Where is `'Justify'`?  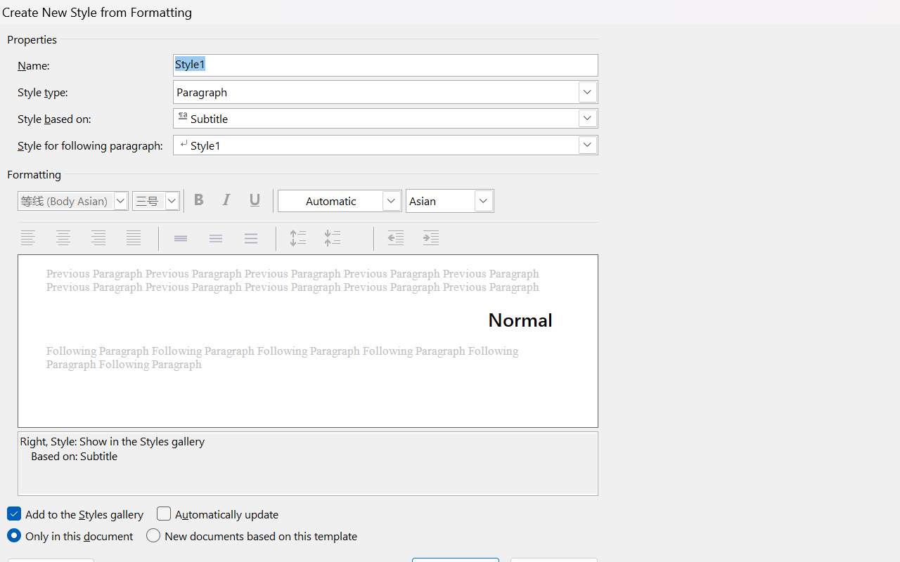
'Justify' is located at coordinates (135, 238).